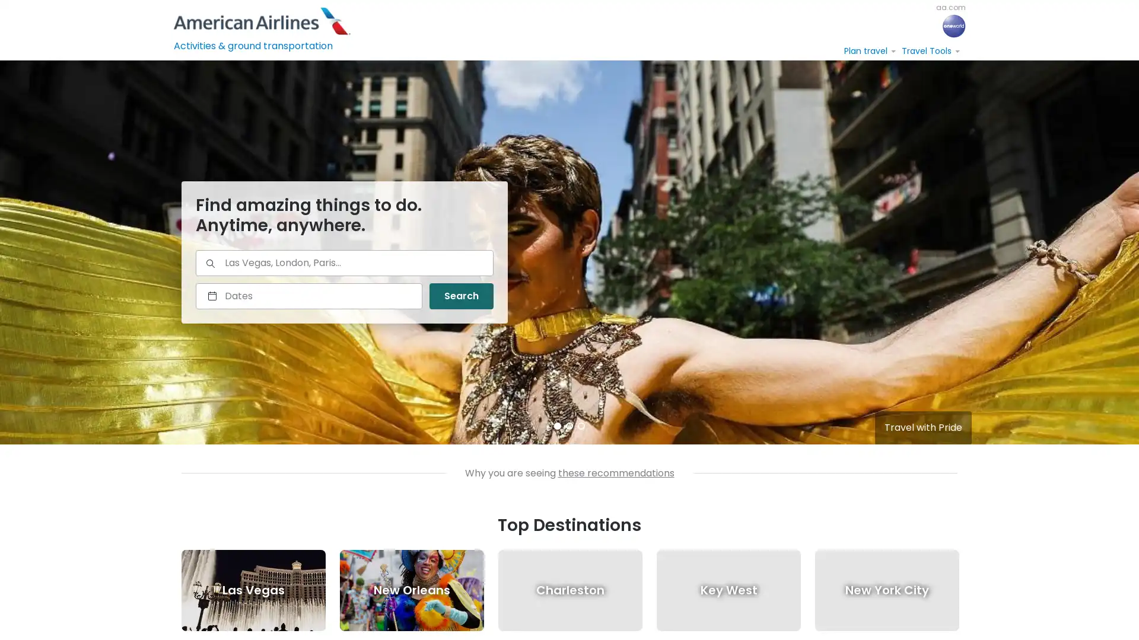 This screenshot has width=1139, height=640. I want to click on Search, so click(460, 126).